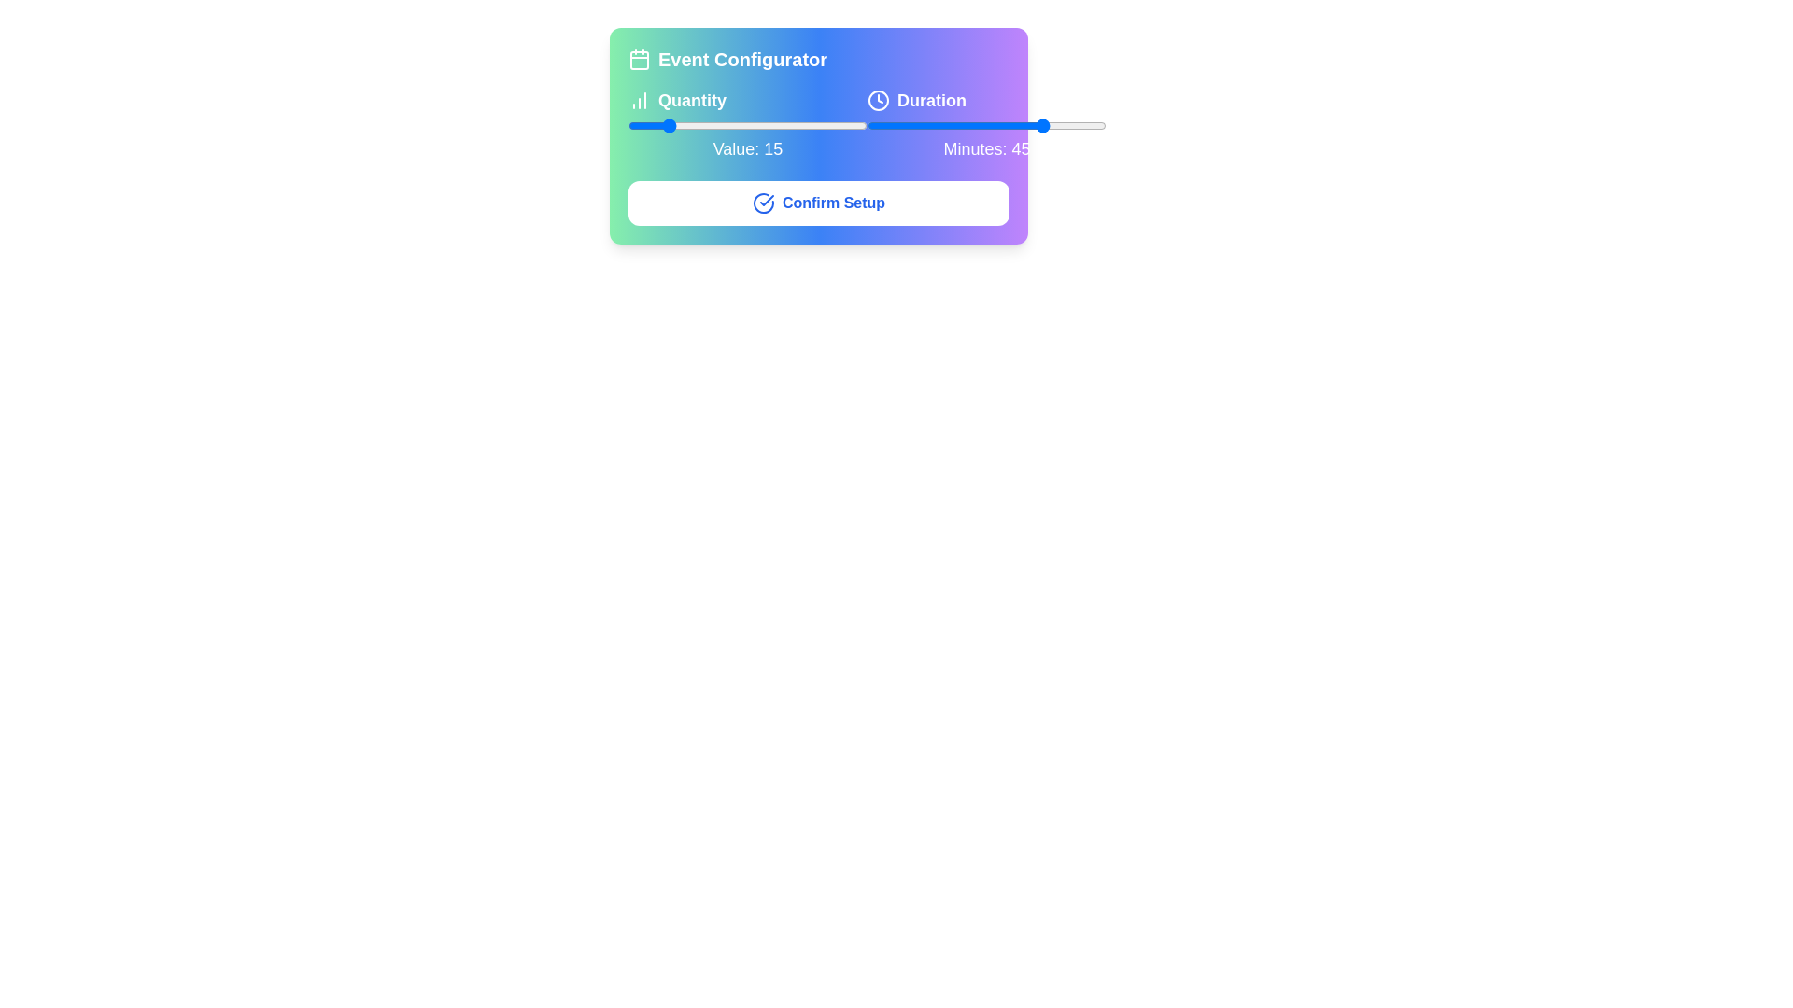  Describe the element at coordinates (748, 147) in the screenshot. I see `the text label that displays 'Value: 15', which is styled prominently in a larger font and located below the horizontal slider within the 'Quantity' interface section` at that location.